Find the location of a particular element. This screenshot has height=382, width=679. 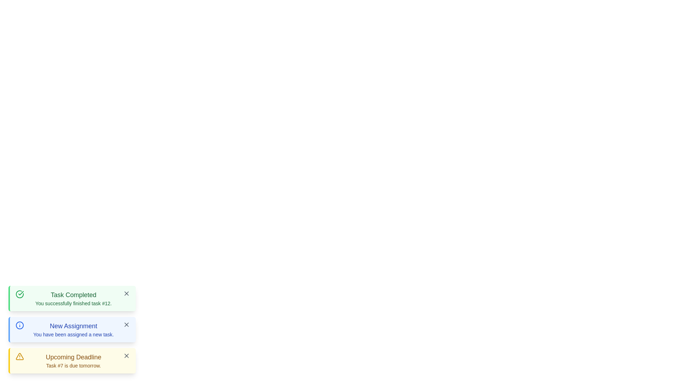

the close button located in the top-right corner of the 'Upcoming Deadline' notification is located at coordinates (127, 356).